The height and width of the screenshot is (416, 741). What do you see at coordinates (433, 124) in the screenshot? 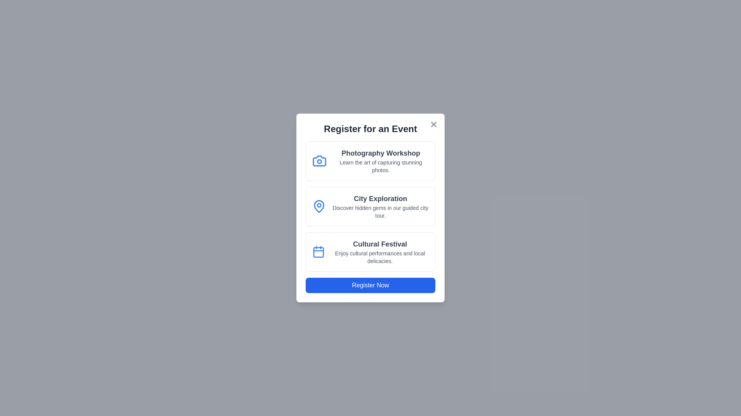
I see `the close button to close the dialog` at bounding box center [433, 124].